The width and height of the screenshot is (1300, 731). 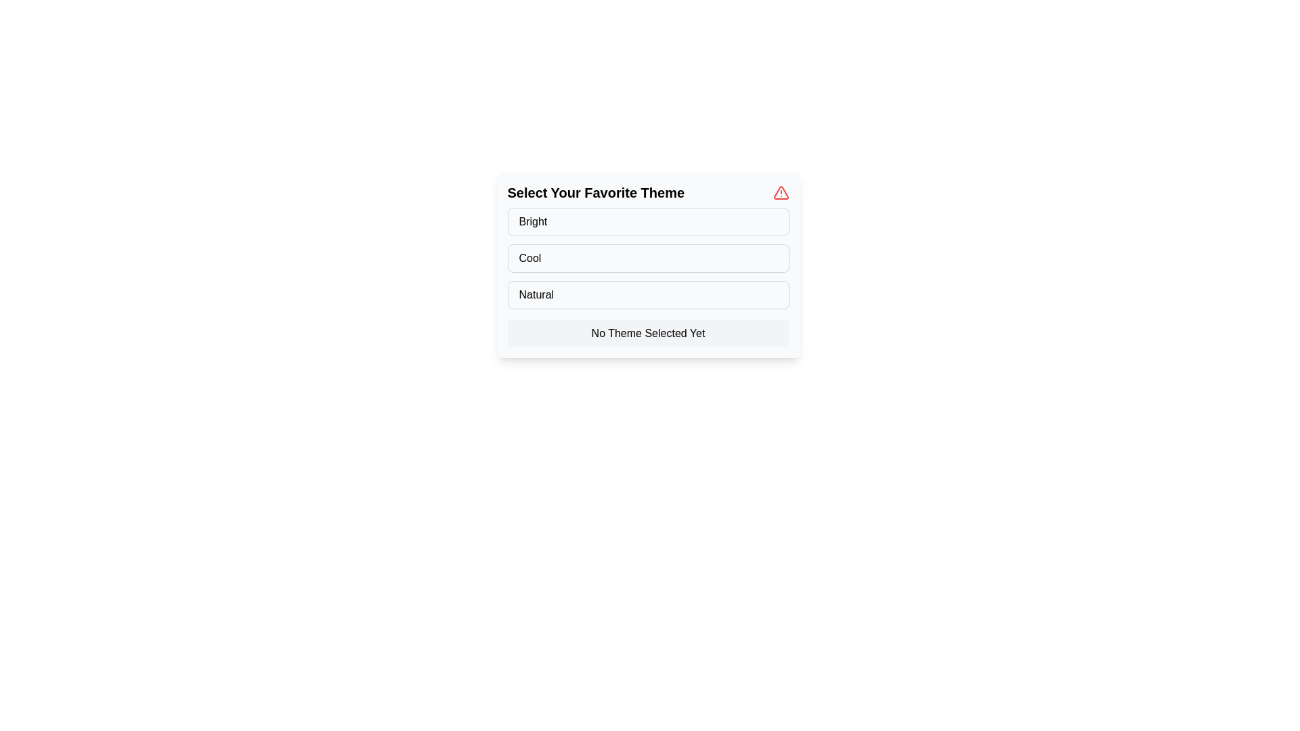 What do you see at coordinates (532, 221) in the screenshot?
I see `the text label displaying 'Bright' which is positioned at the top of the list under 'Select Your Favorite Theme'` at bounding box center [532, 221].